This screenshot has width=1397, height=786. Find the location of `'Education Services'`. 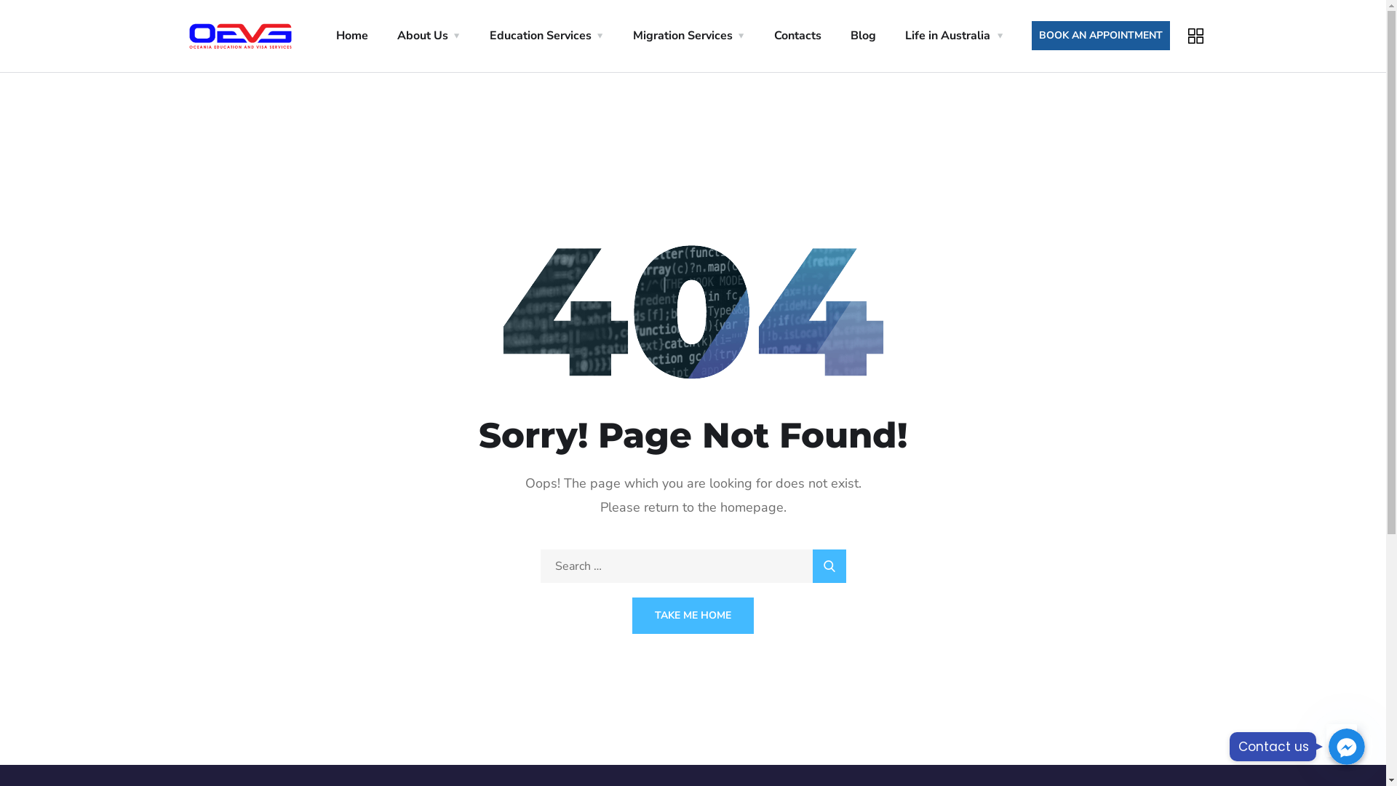

'Education Services' is located at coordinates (546, 35).